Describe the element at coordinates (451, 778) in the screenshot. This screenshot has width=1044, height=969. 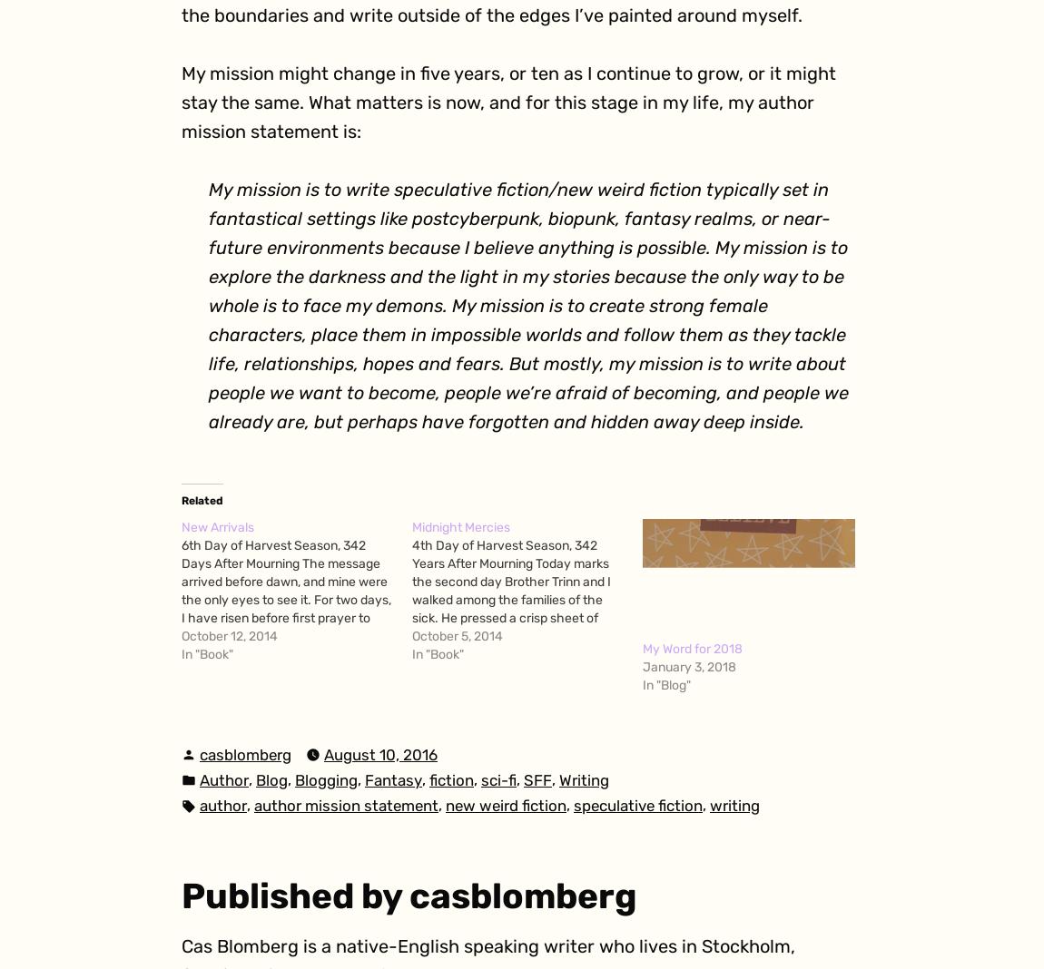
I see `'fiction'` at that location.